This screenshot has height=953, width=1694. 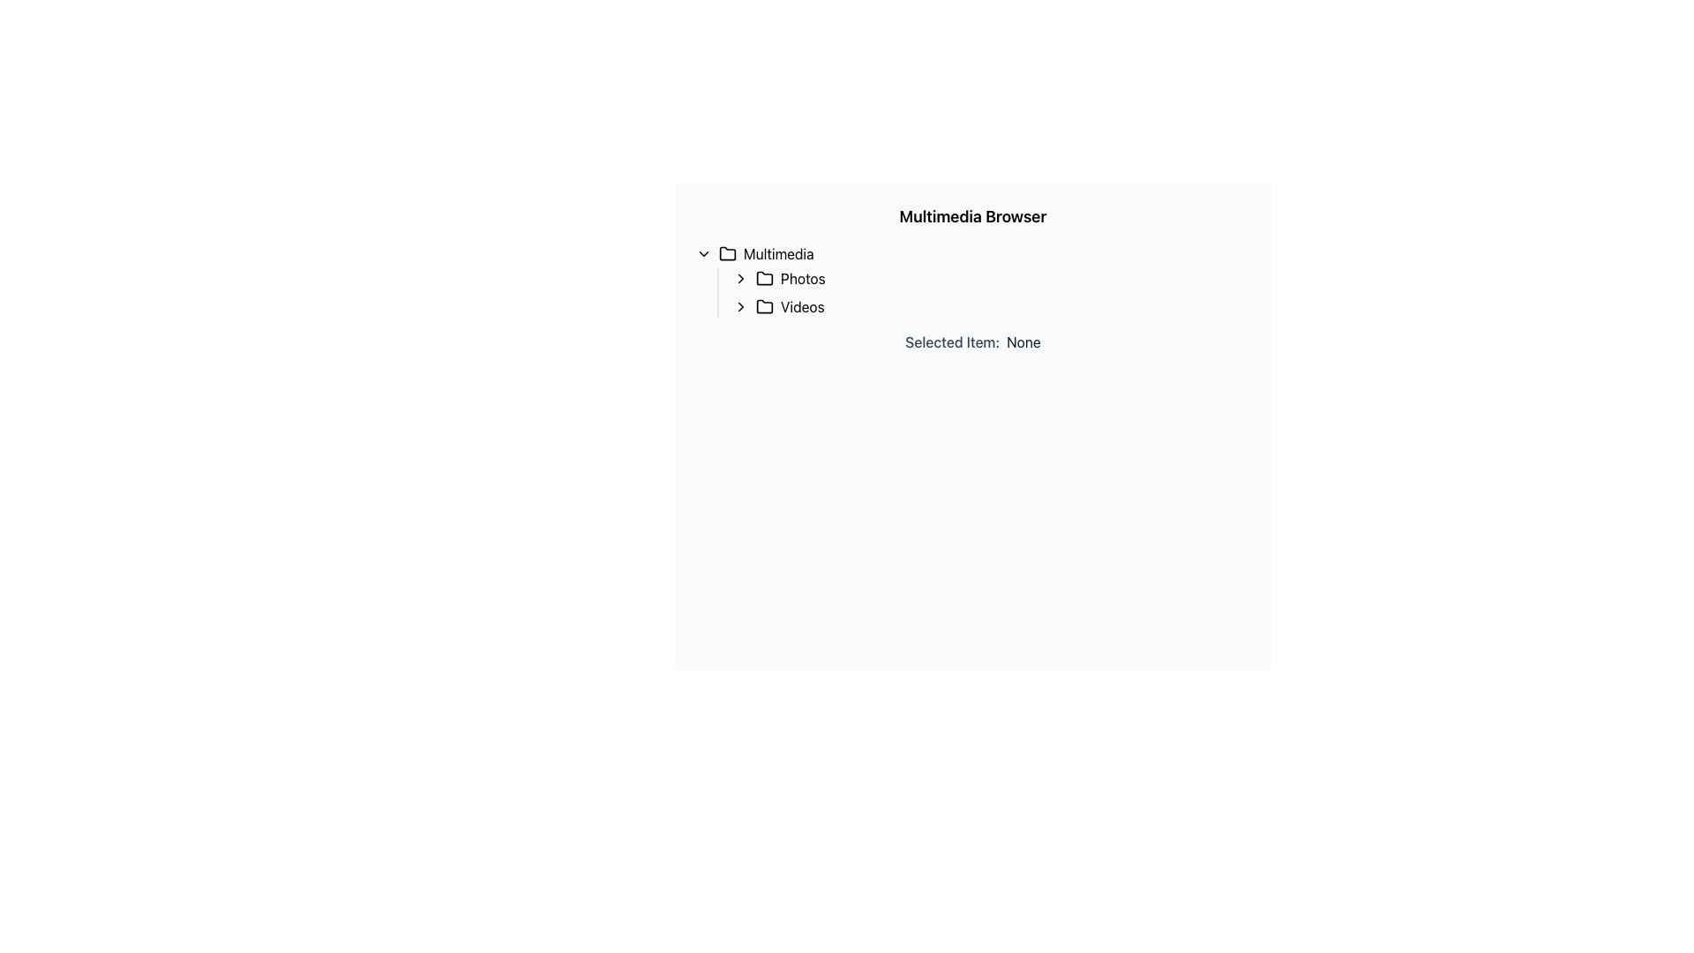 I want to click on the bold text label reading 'Multimedia Browser', which is positioned at the top of the section above the hierarchical navigation menu, so click(x=972, y=216).